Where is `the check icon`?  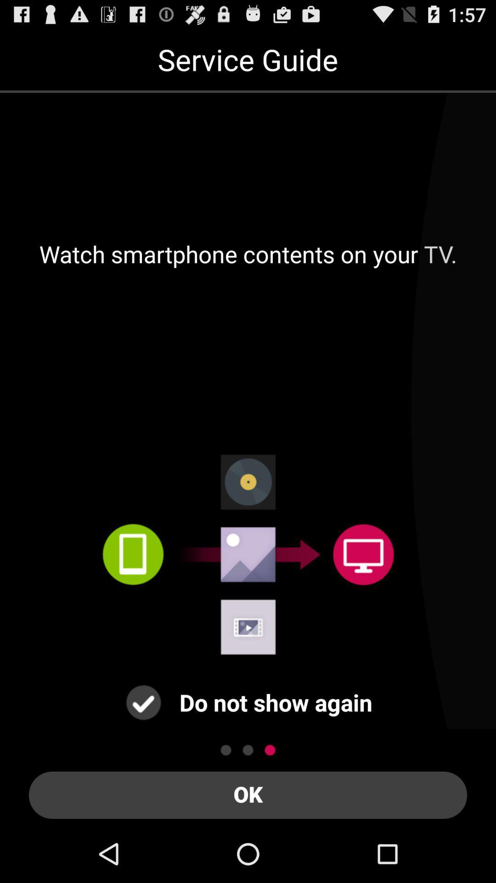 the check icon is located at coordinates (143, 752).